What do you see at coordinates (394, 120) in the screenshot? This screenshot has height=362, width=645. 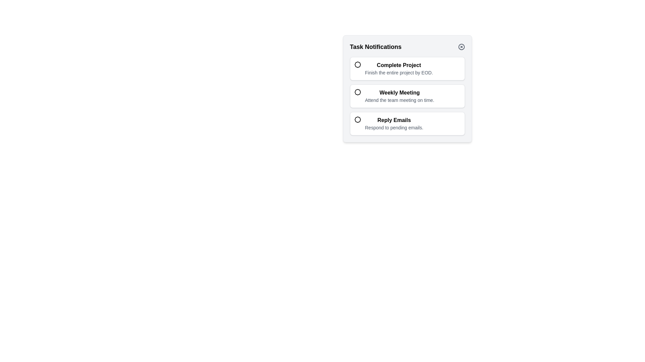 I see `the Text Label that serves as a title for a task notification, positioned centrally in the task list interface` at bounding box center [394, 120].